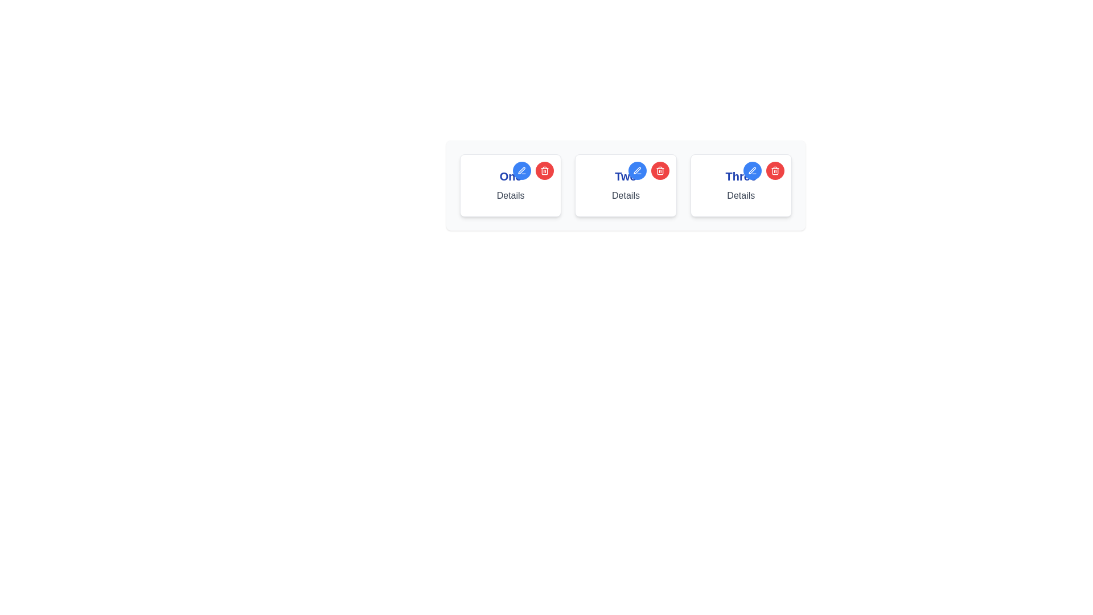 This screenshot has width=1093, height=615. Describe the element at coordinates (775, 171) in the screenshot. I see `the circular red button with a trash can icon located at the top-right corner of the card labeled 'Three'` at that location.